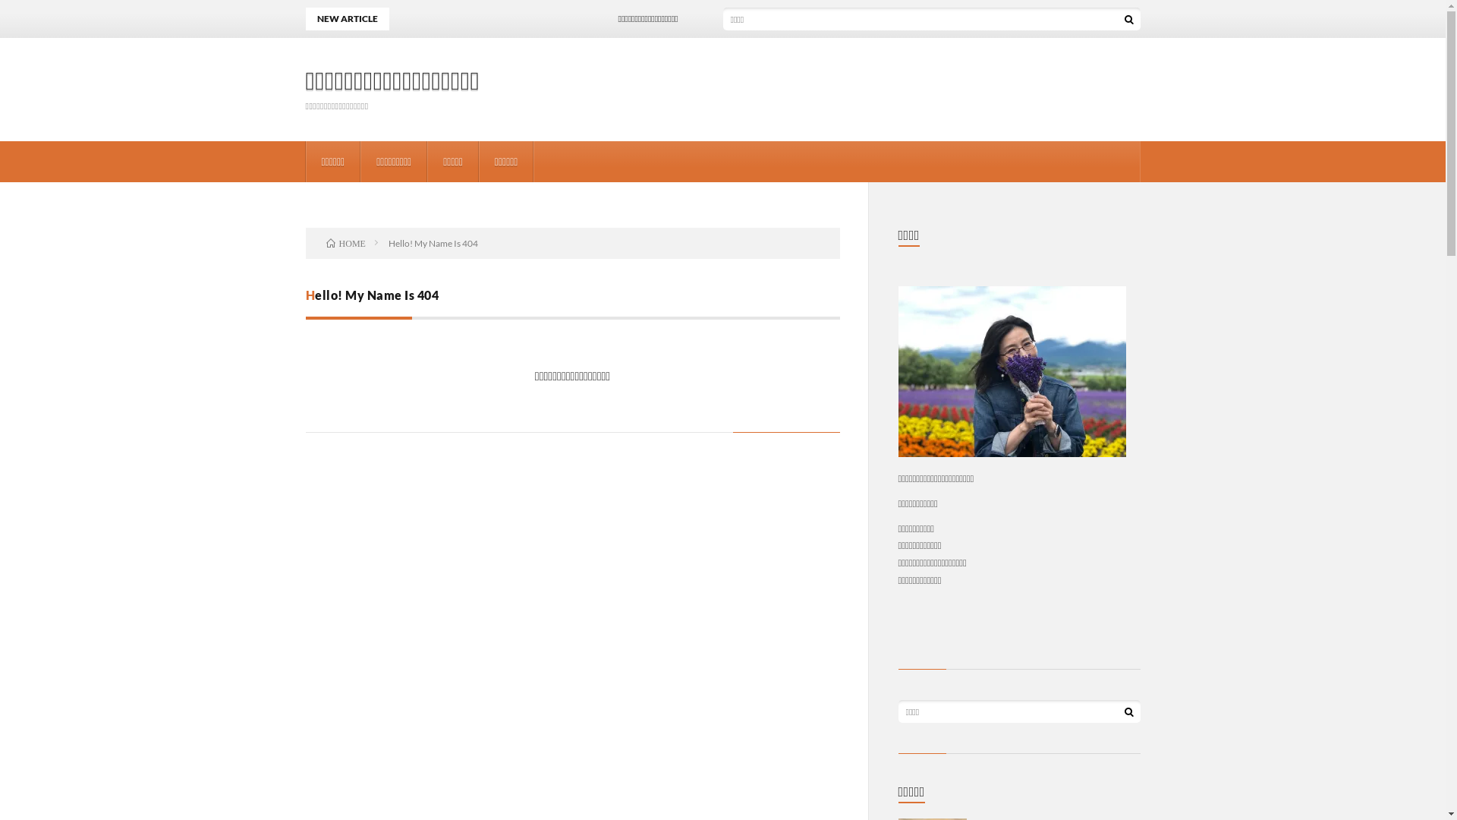  Describe the element at coordinates (1128, 18) in the screenshot. I see `'search'` at that location.